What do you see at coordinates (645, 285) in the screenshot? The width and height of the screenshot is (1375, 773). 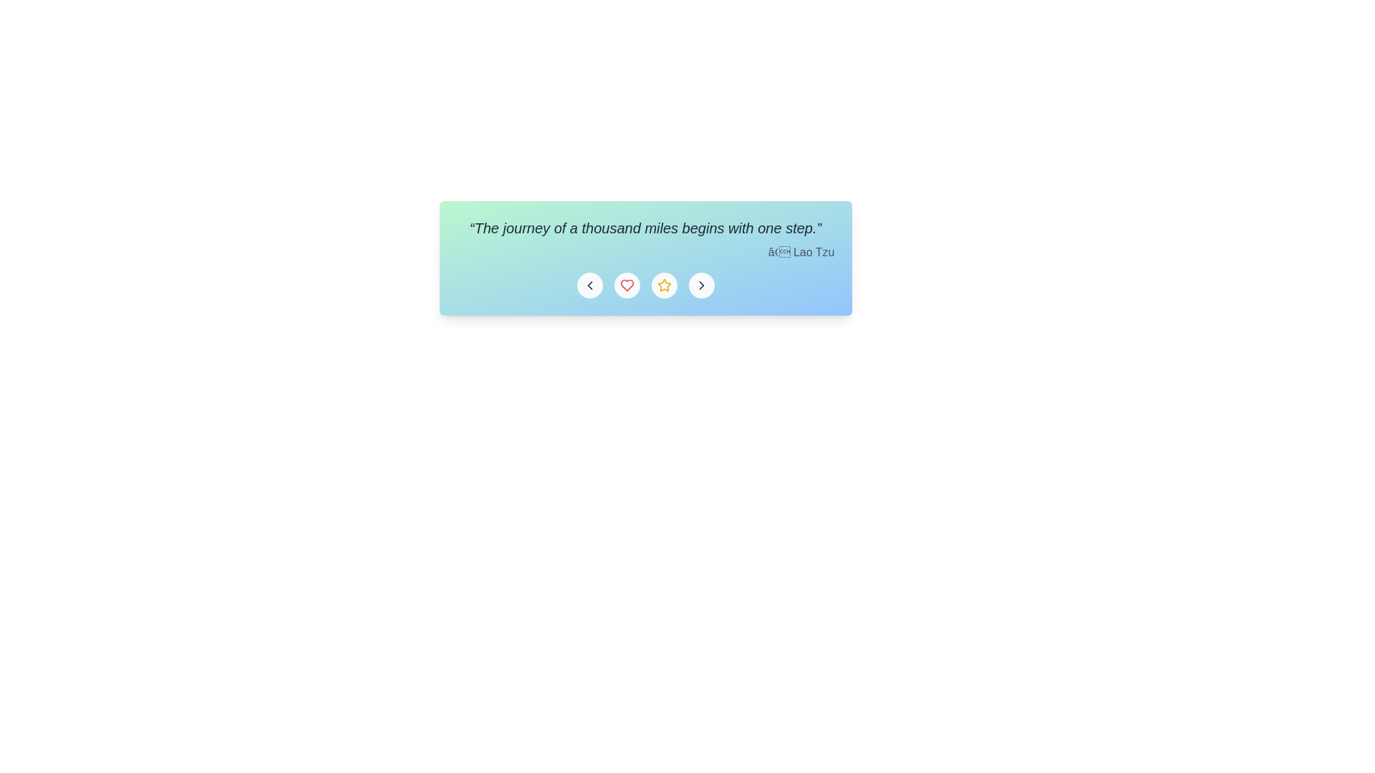 I see `the third button from the left in the set of interactive buttons, which is represented by a heart icon for favoriting or liking content` at bounding box center [645, 285].